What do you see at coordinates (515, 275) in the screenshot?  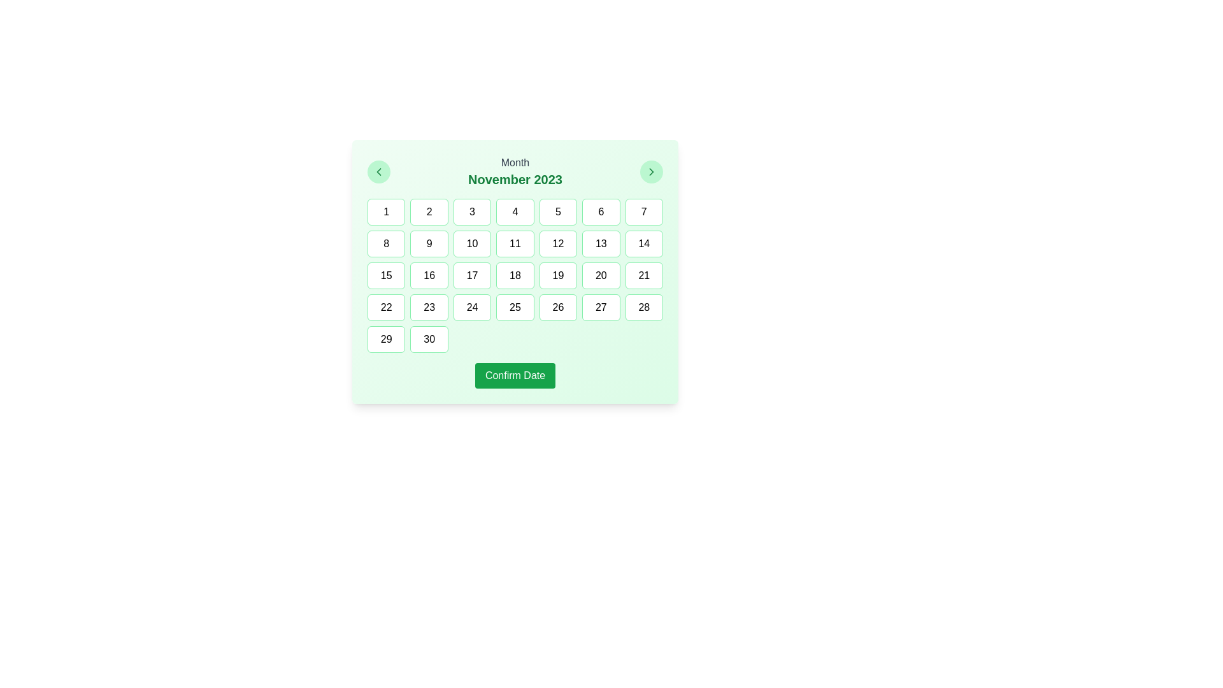 I see `the date button for the 18th in the calendar interface` at bounding box center [515, 275].